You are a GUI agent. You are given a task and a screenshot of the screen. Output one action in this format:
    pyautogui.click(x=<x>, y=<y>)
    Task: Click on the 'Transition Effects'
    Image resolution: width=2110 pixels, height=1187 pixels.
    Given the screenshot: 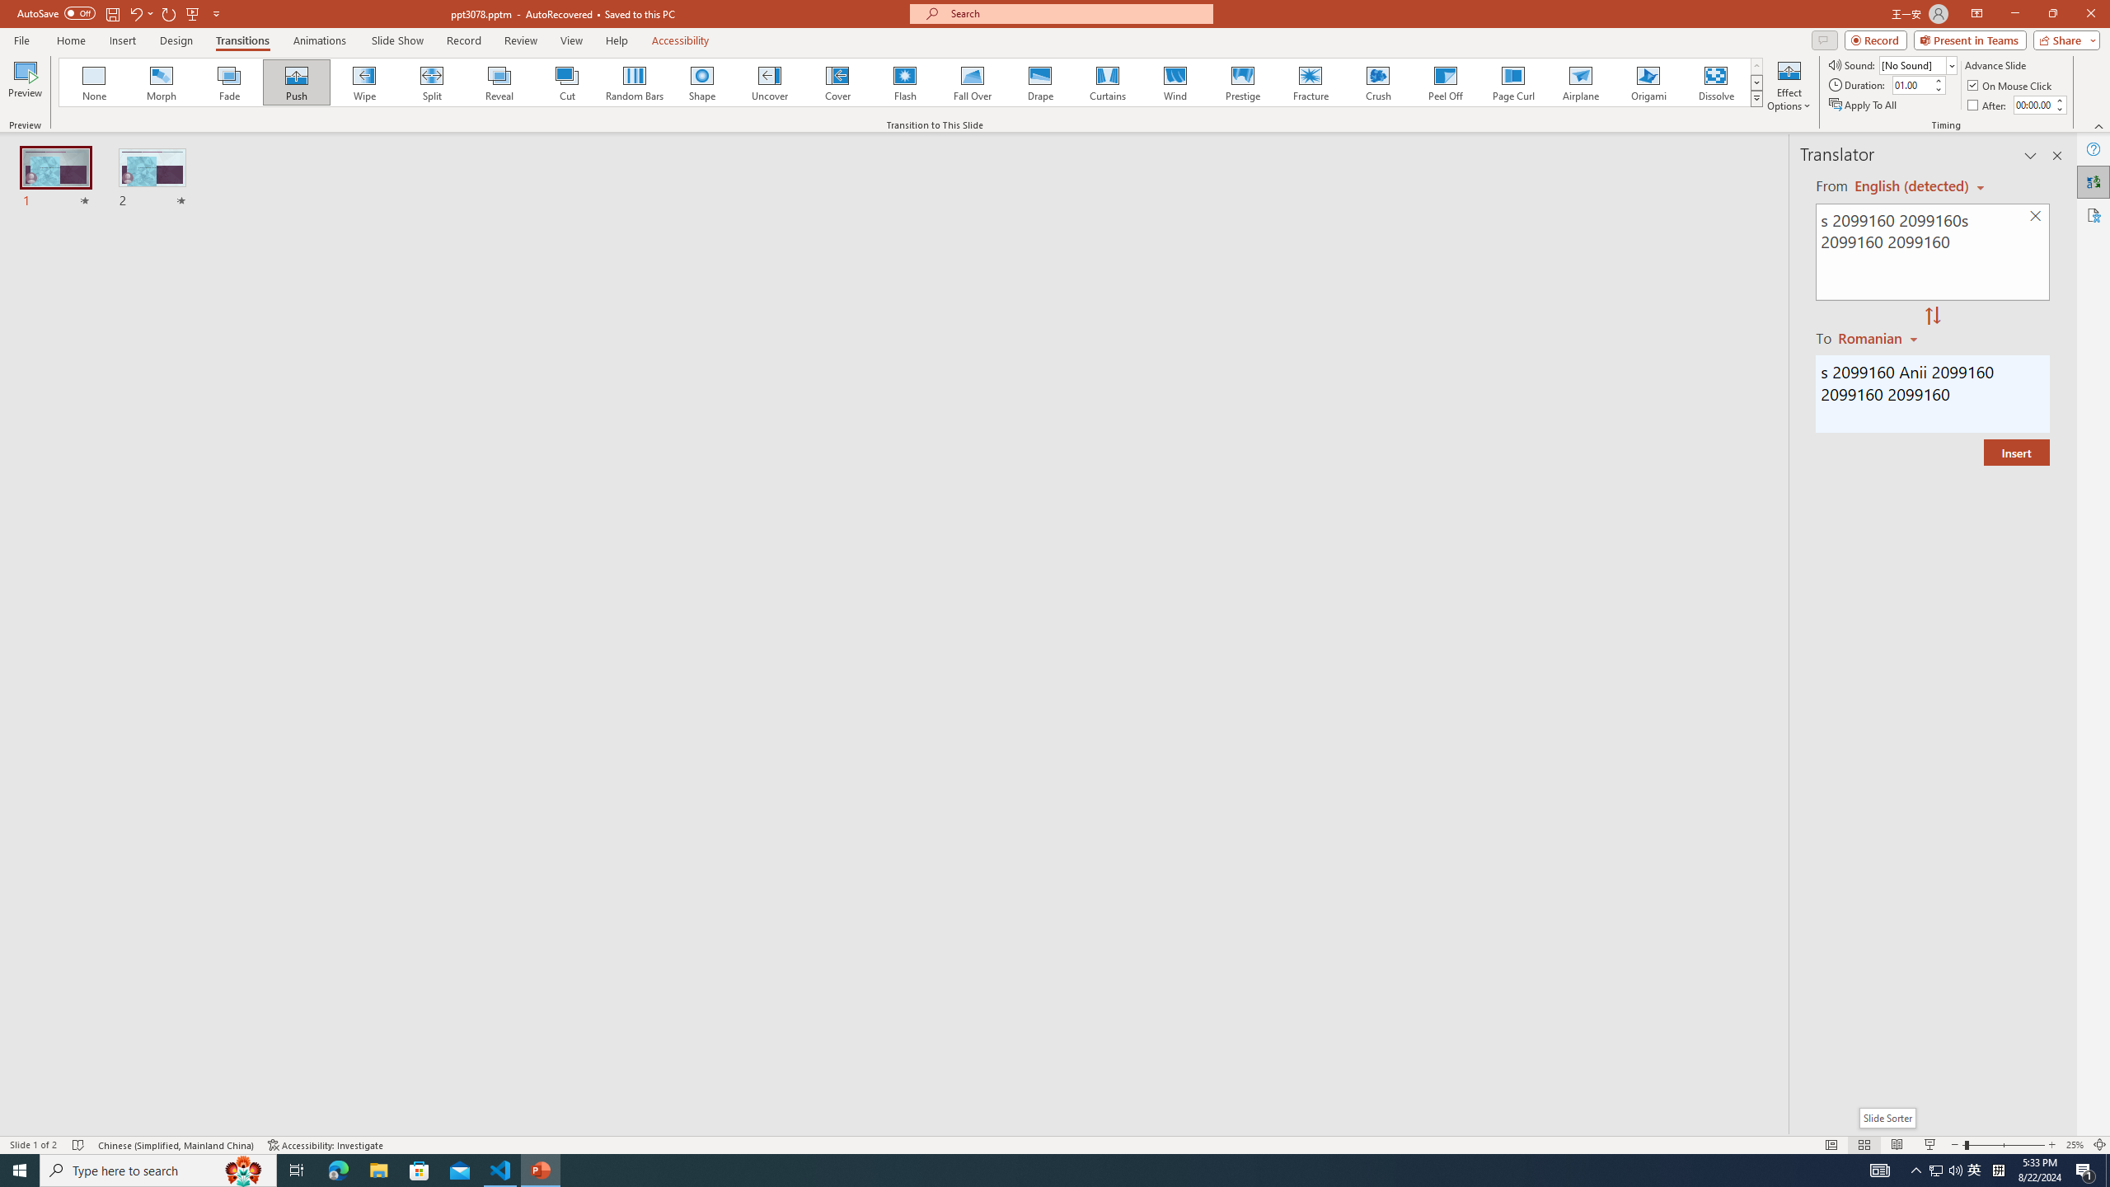 What is the action you would take?
    pyautogui.click(x=1756, y=97)
    